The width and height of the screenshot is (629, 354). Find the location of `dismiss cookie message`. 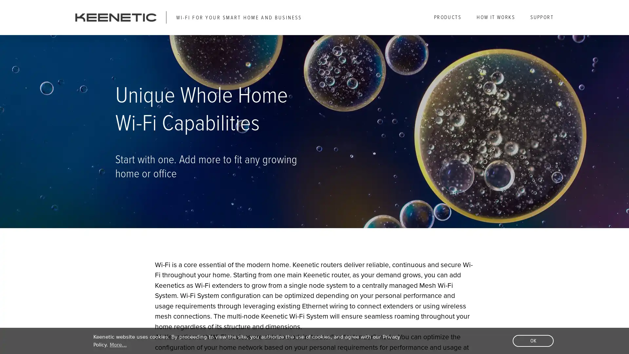

dismiss cookie message is located at coordinates (533, 340).